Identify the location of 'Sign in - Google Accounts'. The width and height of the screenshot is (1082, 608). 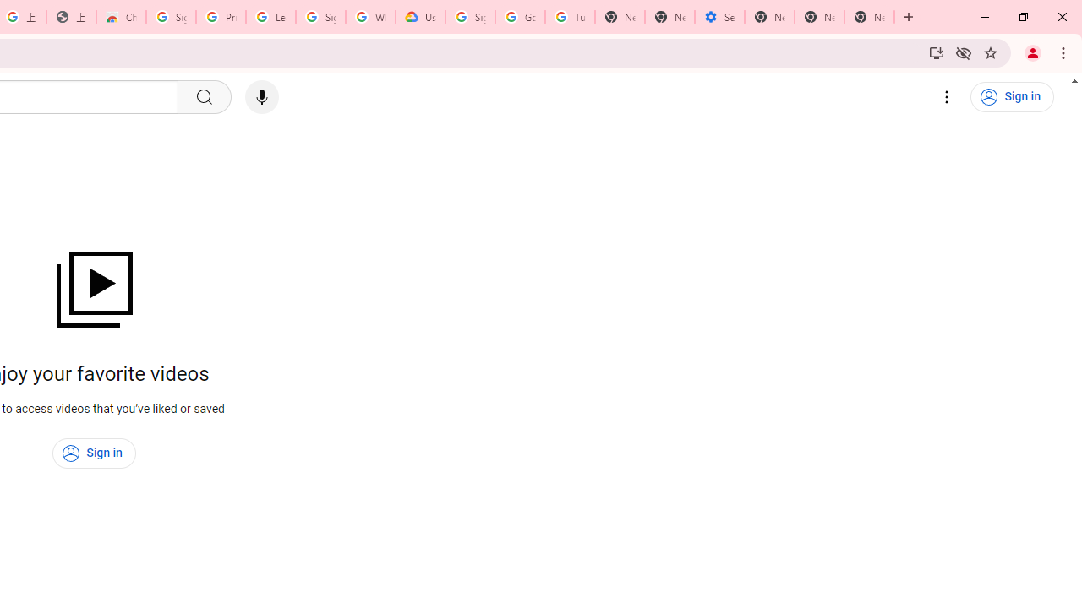
(171, 17).